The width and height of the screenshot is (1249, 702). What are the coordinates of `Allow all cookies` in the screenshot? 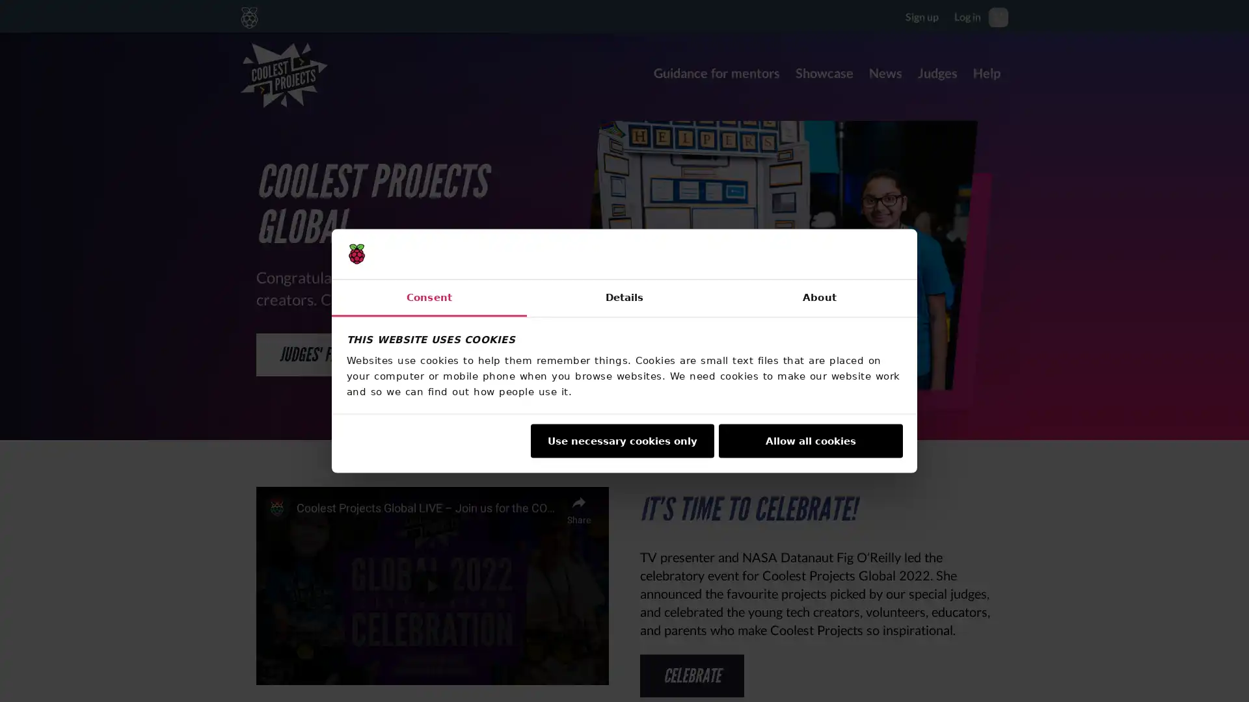 It's located at (810, 440).